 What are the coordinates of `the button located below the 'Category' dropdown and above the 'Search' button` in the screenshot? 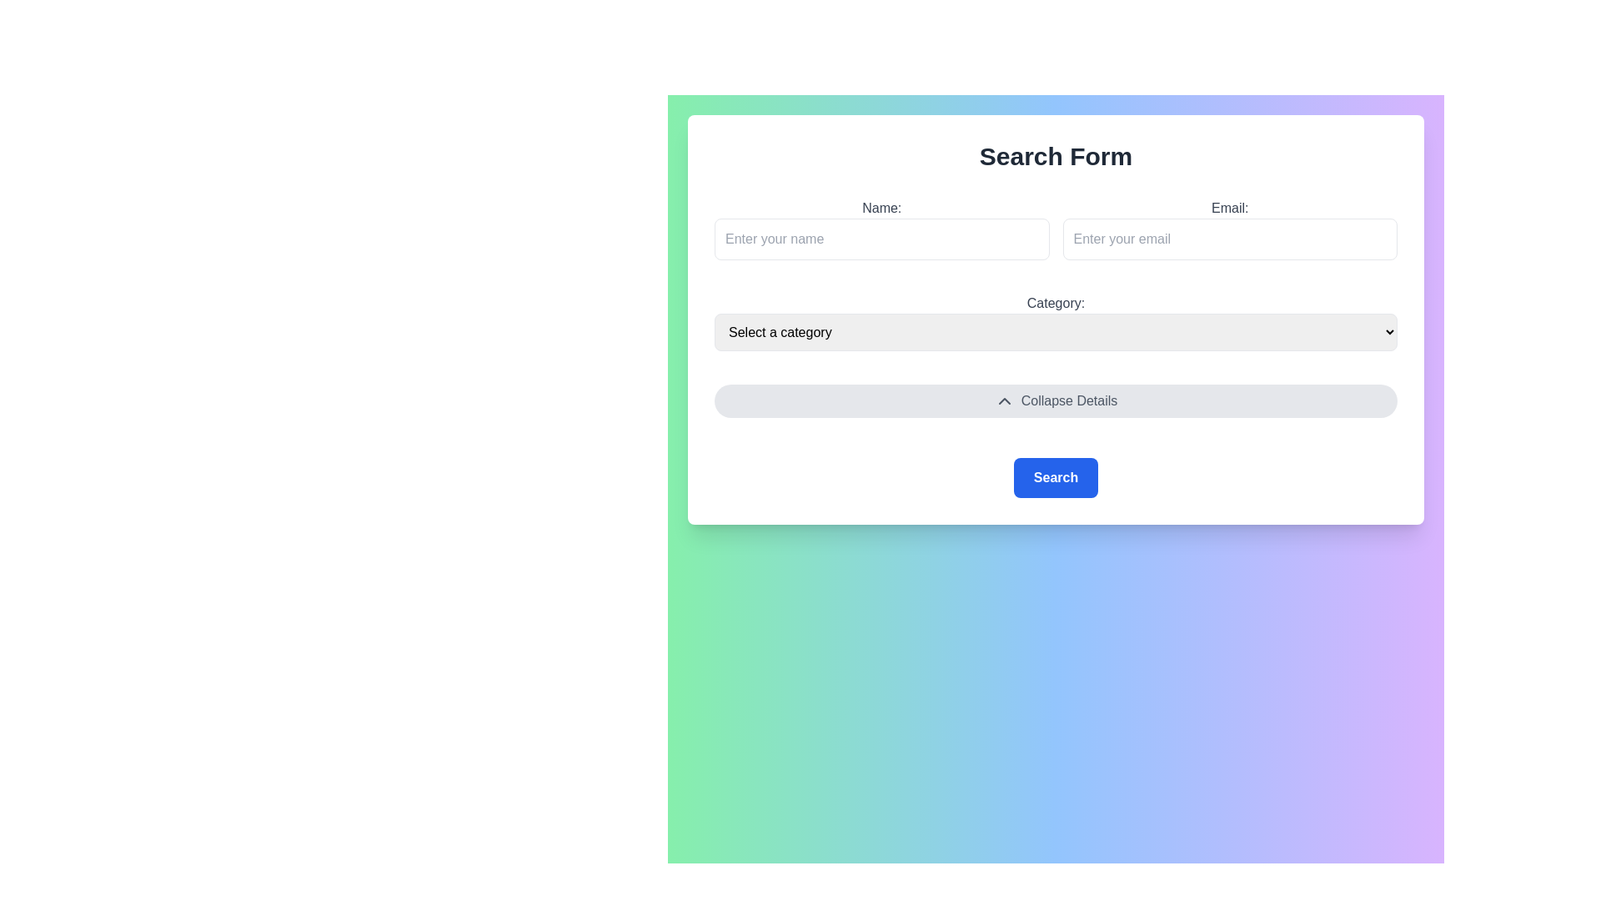 It's located at (1055, 401).